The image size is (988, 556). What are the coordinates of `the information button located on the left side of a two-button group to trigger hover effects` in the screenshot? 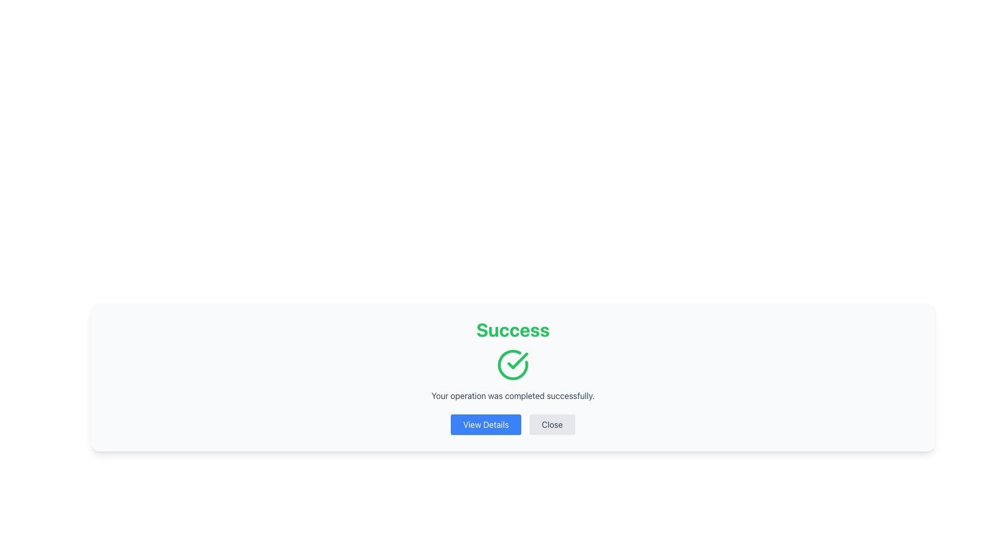 It's located at (485, 425).